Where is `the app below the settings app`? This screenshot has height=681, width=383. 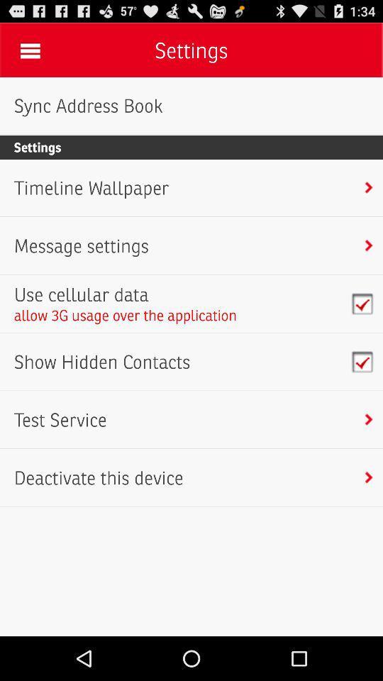
the app below the settings app is located at coordinates (91, 187).